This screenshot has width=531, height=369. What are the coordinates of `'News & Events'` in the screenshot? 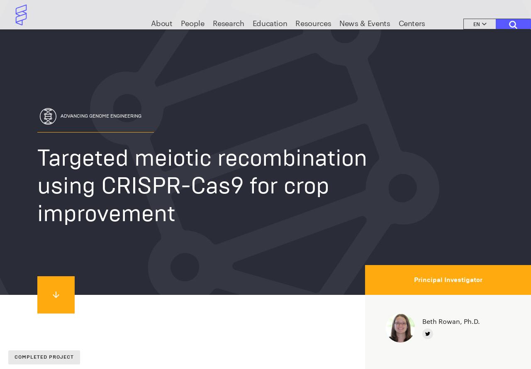 It's located at (364, 34).